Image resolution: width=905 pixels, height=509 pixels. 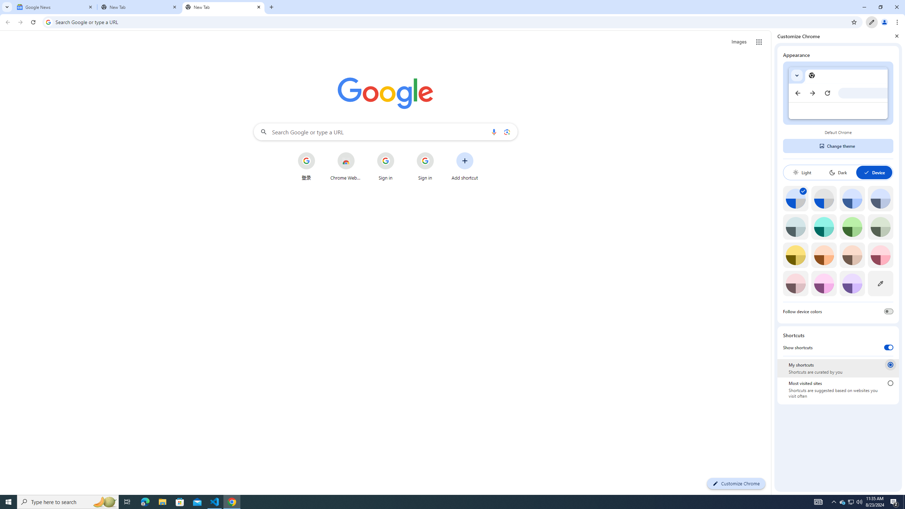 What do you see at coordinates (55, 7) in the screenshot?
I see `'Google News'` at bounding box center [55, 7].